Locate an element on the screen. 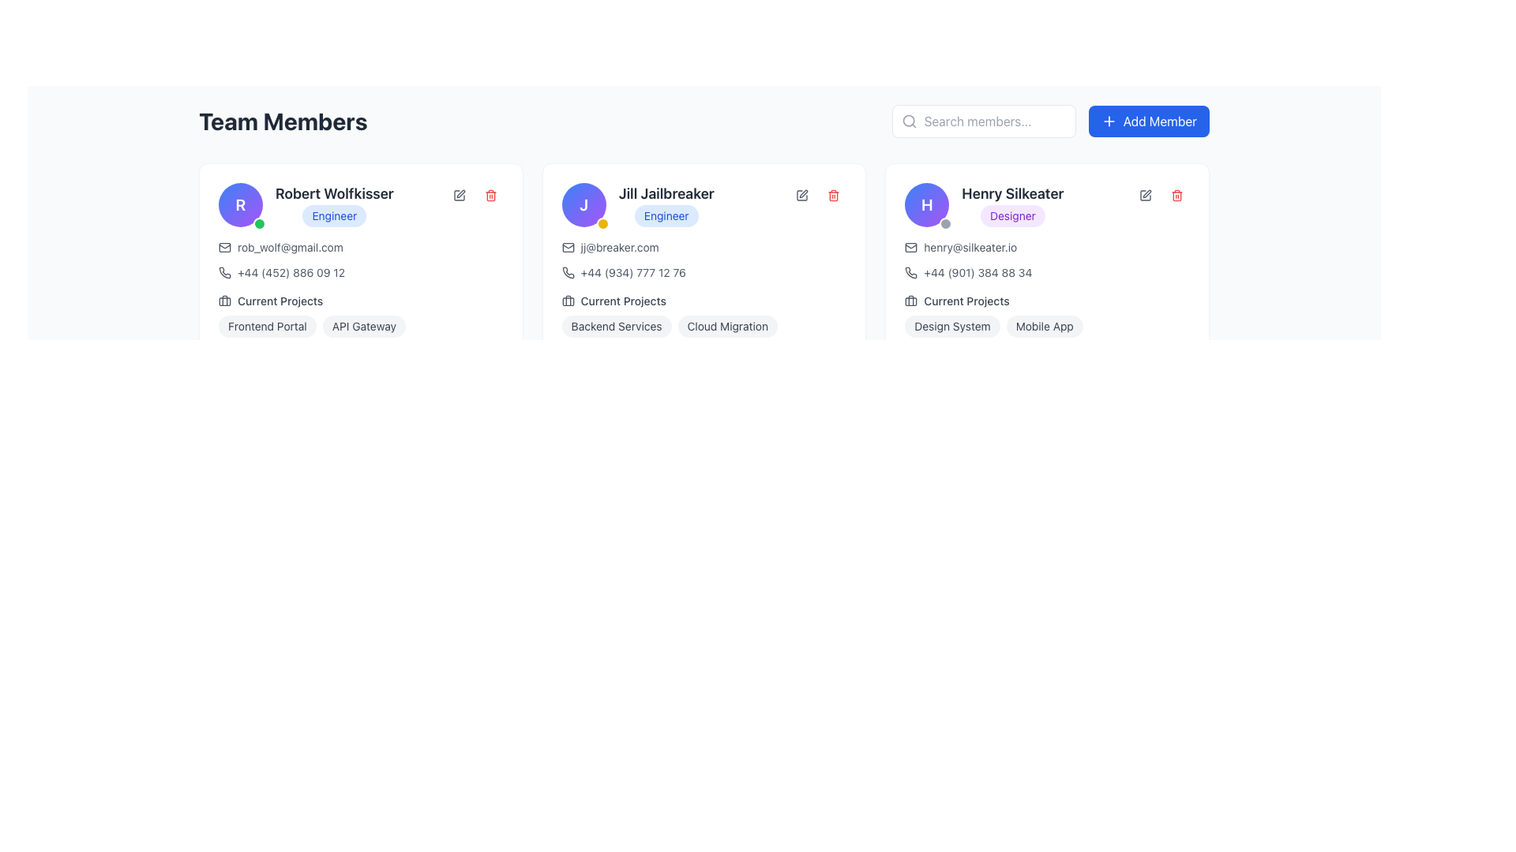 The width and height of the screenshot is (1516, 852). the 'Design System' label, which is a small rectangular tag with rounded edges located under the 'Current Projects' section in Henry Silkeater's profile card is located at coordinates (951, 325).